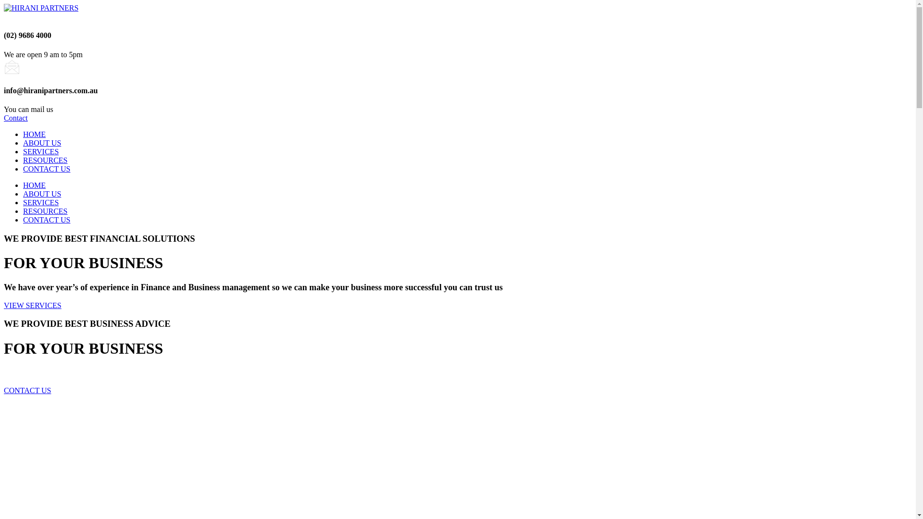  I want to click on 'RESOURCES', so click(23, 160).